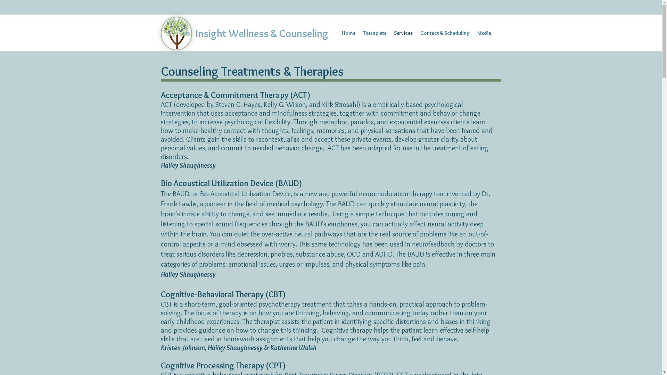  I want to click on 'Contact & Scheduling', so click(445, 33).